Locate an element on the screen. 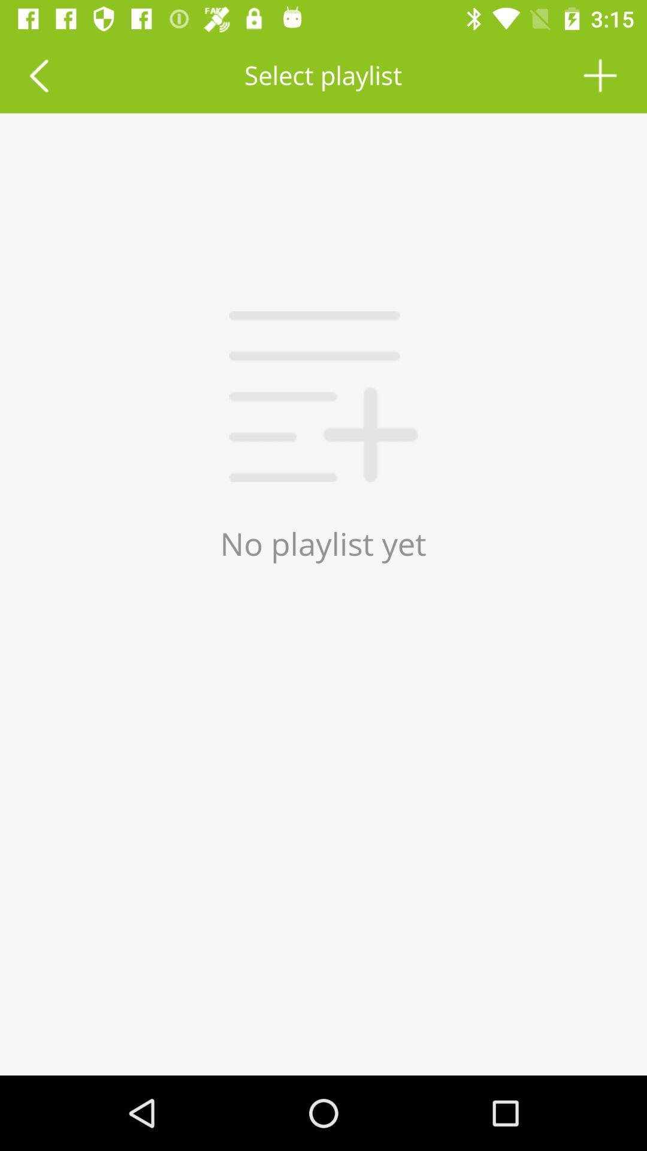  last playlist is located at coordinates (38, 74).